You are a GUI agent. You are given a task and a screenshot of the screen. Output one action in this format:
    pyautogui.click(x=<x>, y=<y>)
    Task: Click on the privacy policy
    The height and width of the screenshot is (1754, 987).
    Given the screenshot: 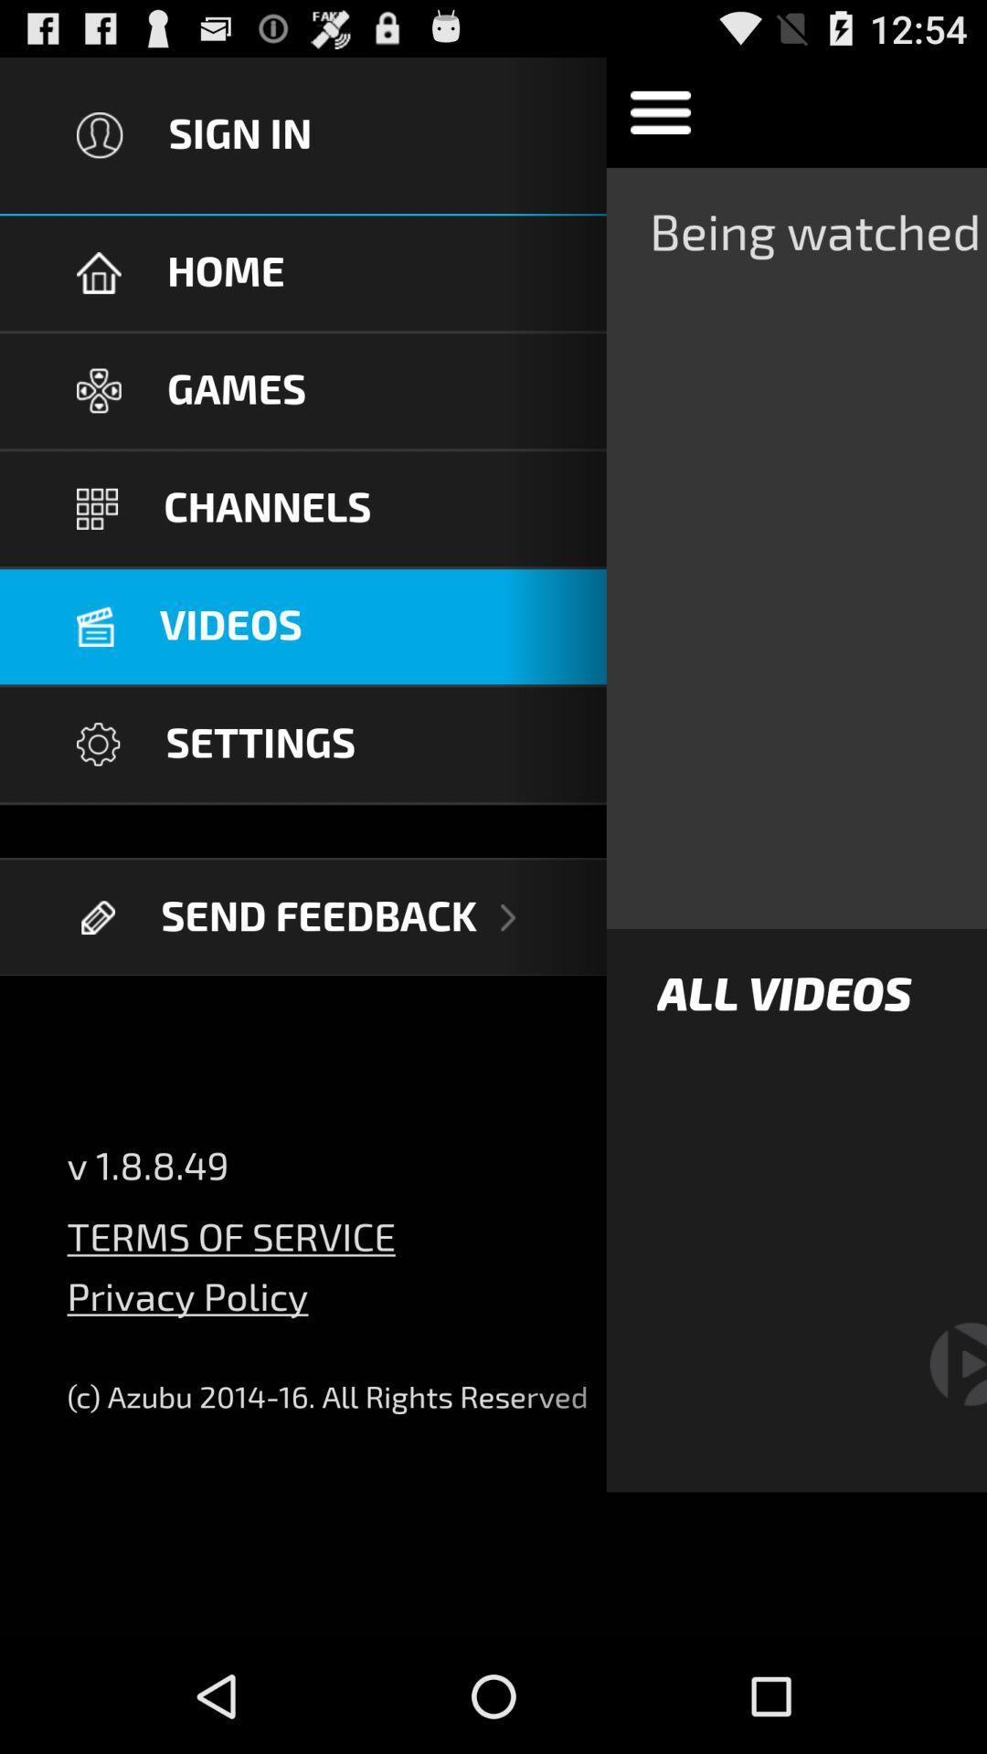 What is the action you would take?
    pyautogui.click(x=187, y=1309)
    